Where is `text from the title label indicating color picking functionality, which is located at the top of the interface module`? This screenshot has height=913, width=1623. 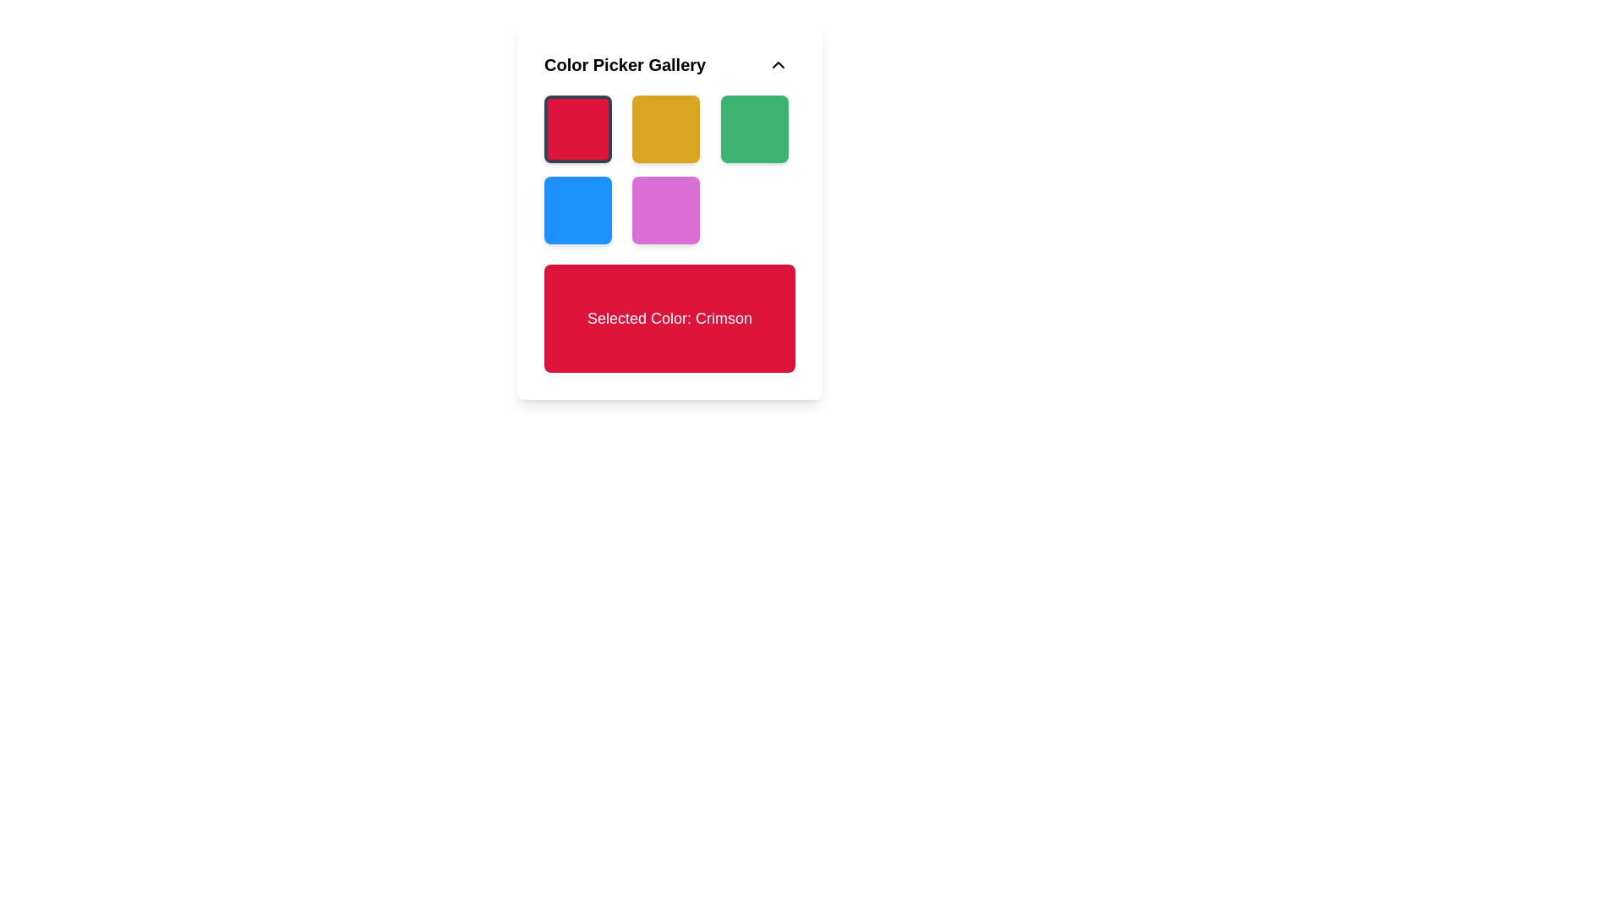
text from the title label indicating color picking functionality, which is located at the top of the interface module is located at coordinates (624, 64).